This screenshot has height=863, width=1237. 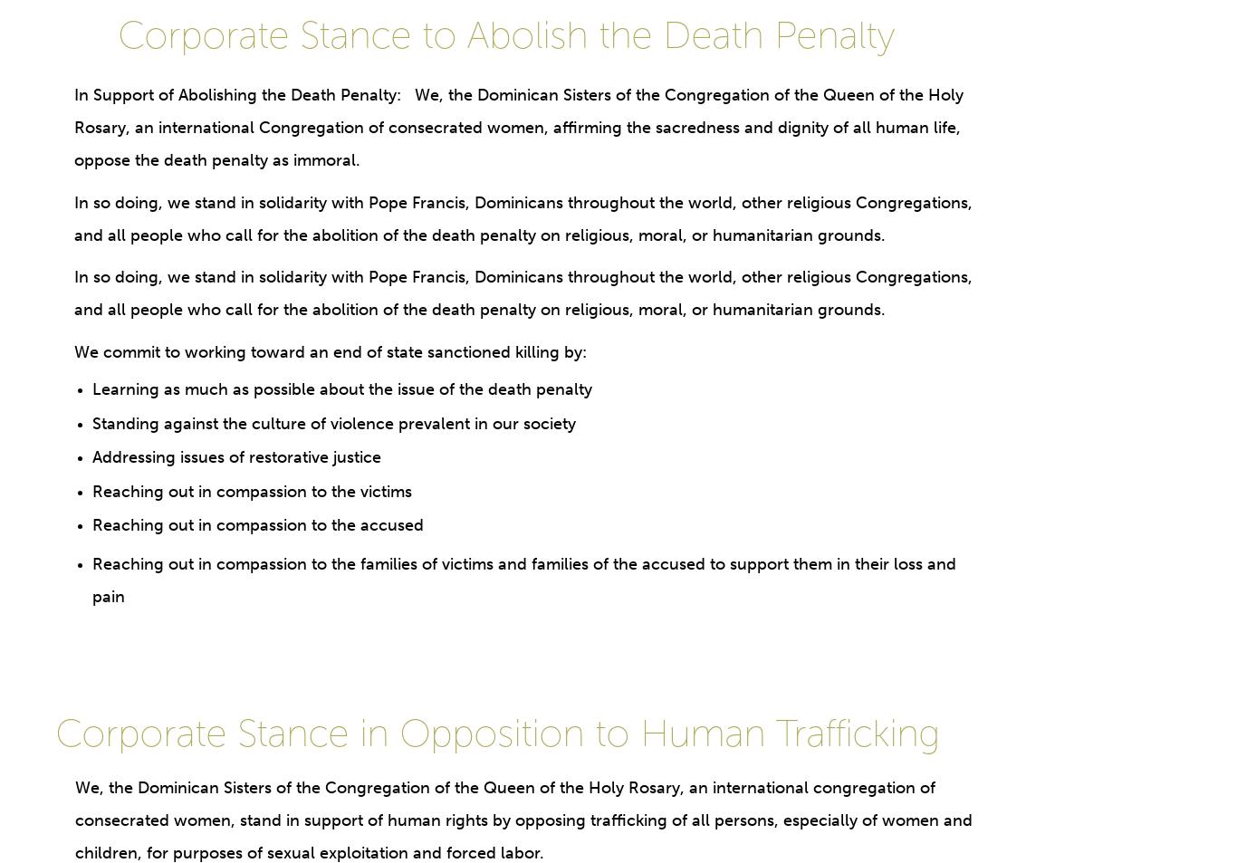 I want to click on 'Standing against the culture of violence prevalent in our society', so click(x=91, y=421).